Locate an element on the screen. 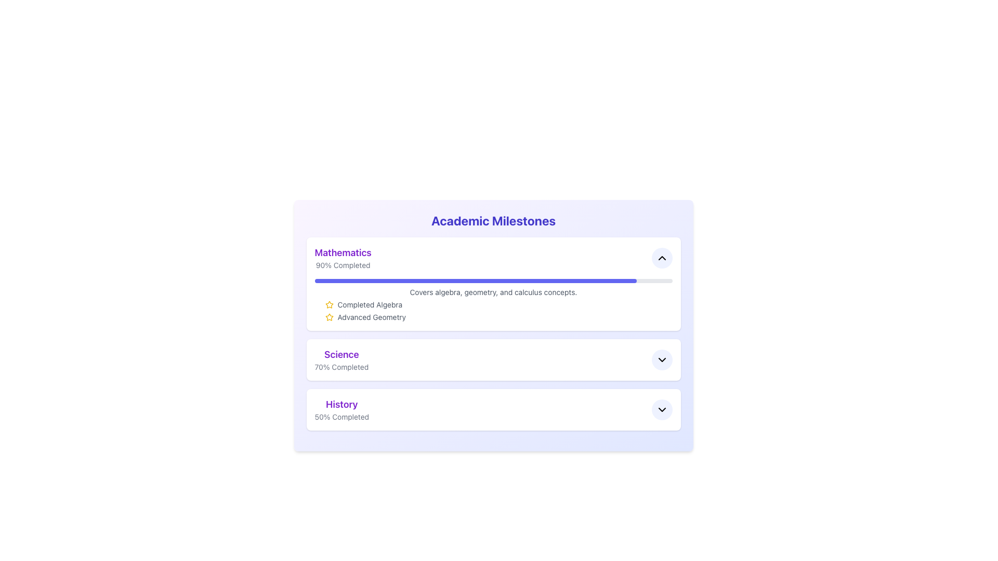 The height and width of the screenshot is (561, 998). the static text label that displays '50% Completed', which is gray and located directly below the heading 'History' is located at coordinates (342, 416).